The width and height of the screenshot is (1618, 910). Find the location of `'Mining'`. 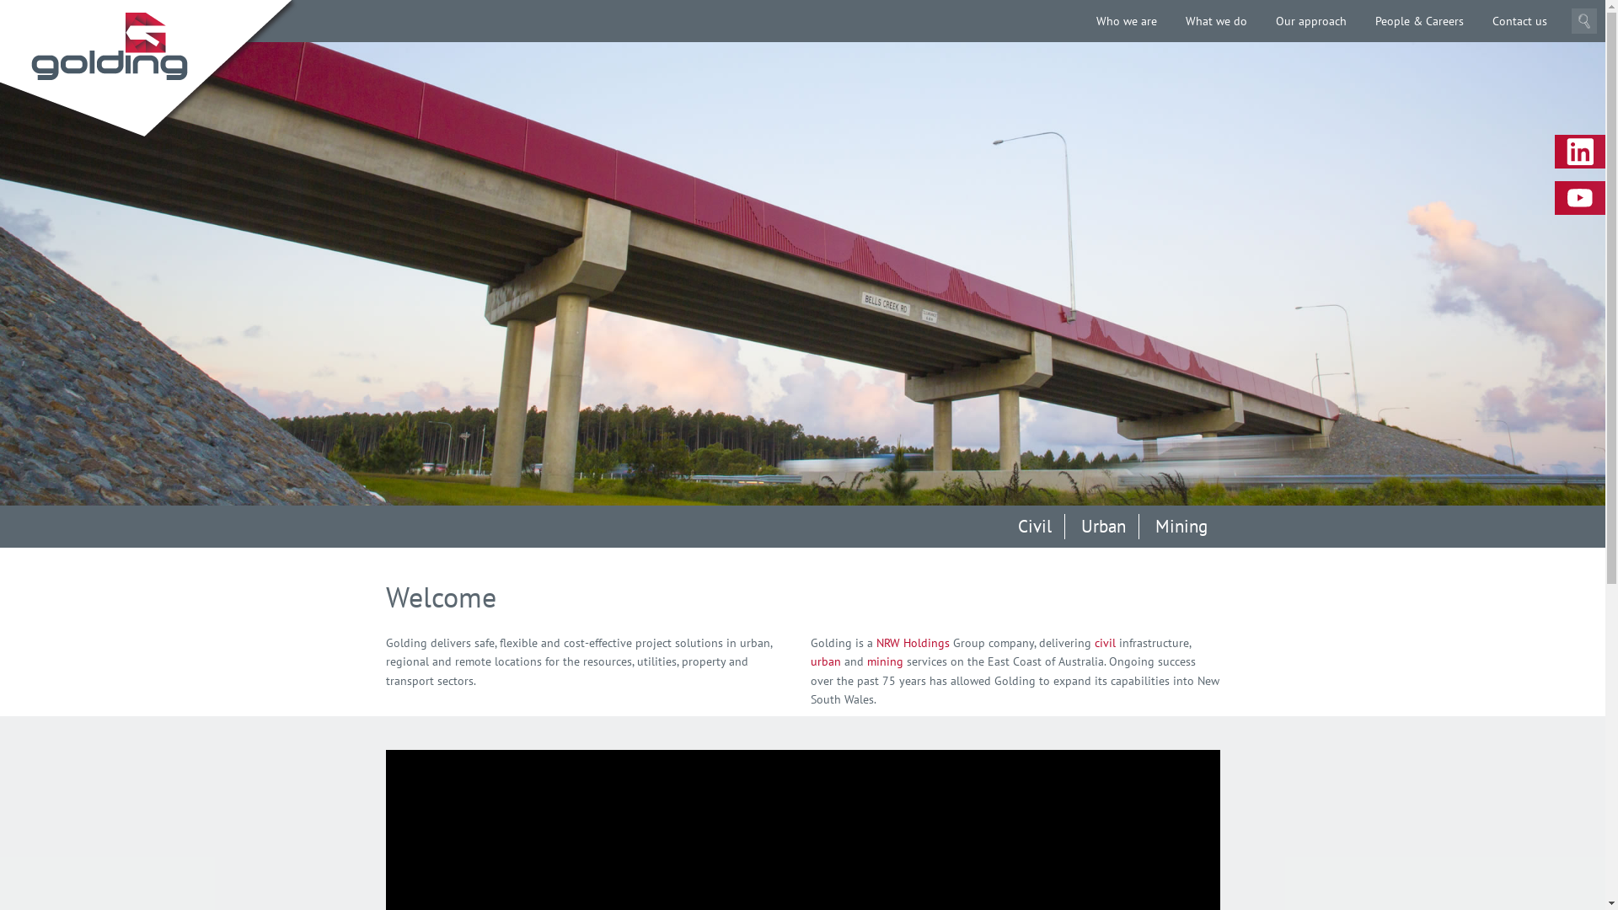

'Mining' is located at coordinates (1180, 525).